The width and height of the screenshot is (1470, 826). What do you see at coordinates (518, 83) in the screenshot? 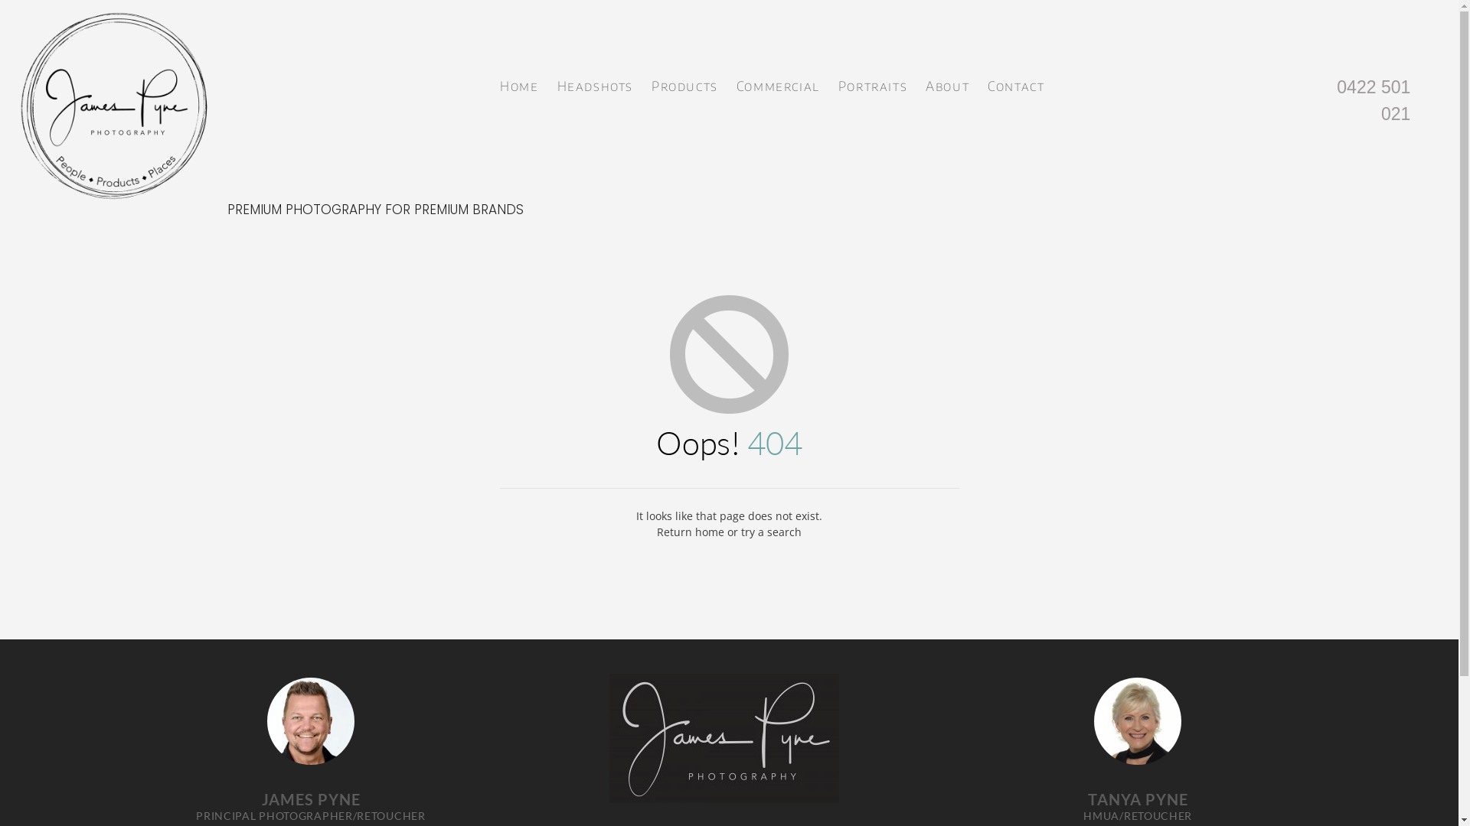
I see `'Home'` at bounding box center [518, 83].